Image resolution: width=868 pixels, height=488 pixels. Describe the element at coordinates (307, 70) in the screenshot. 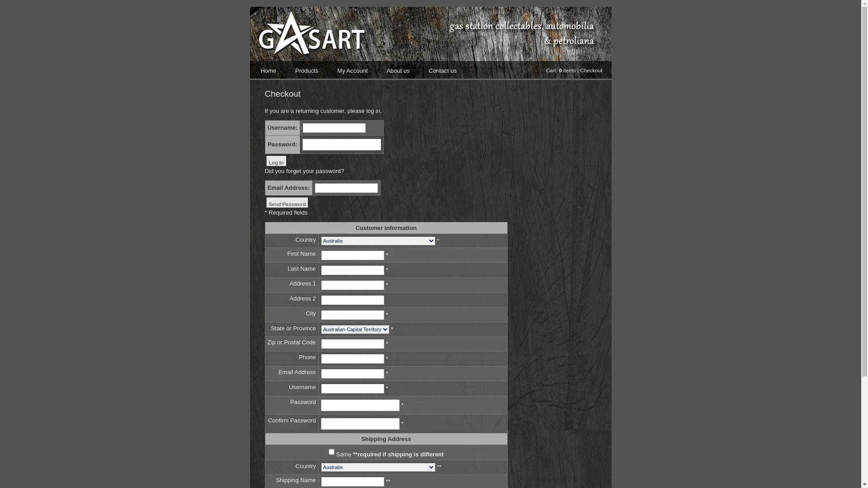

I see `'Products'` at that location.